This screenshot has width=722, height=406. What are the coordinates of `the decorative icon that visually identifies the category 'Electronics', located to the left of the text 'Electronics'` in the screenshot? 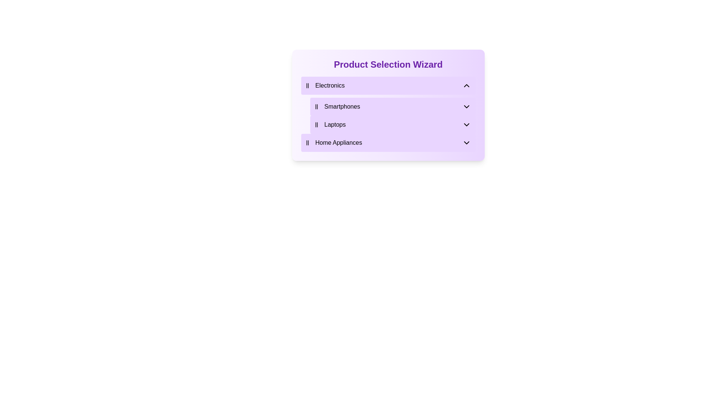 It's located at (309, 85).